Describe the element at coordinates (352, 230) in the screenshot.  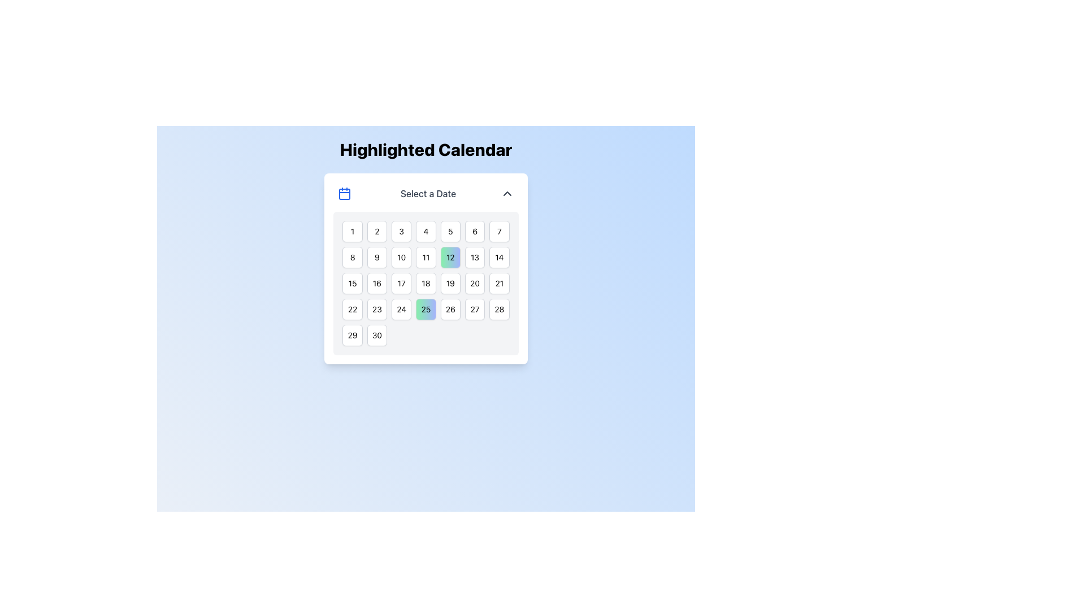
I see `the selectable option button representing the first day of the displayed month in the calendar interface` at that location.